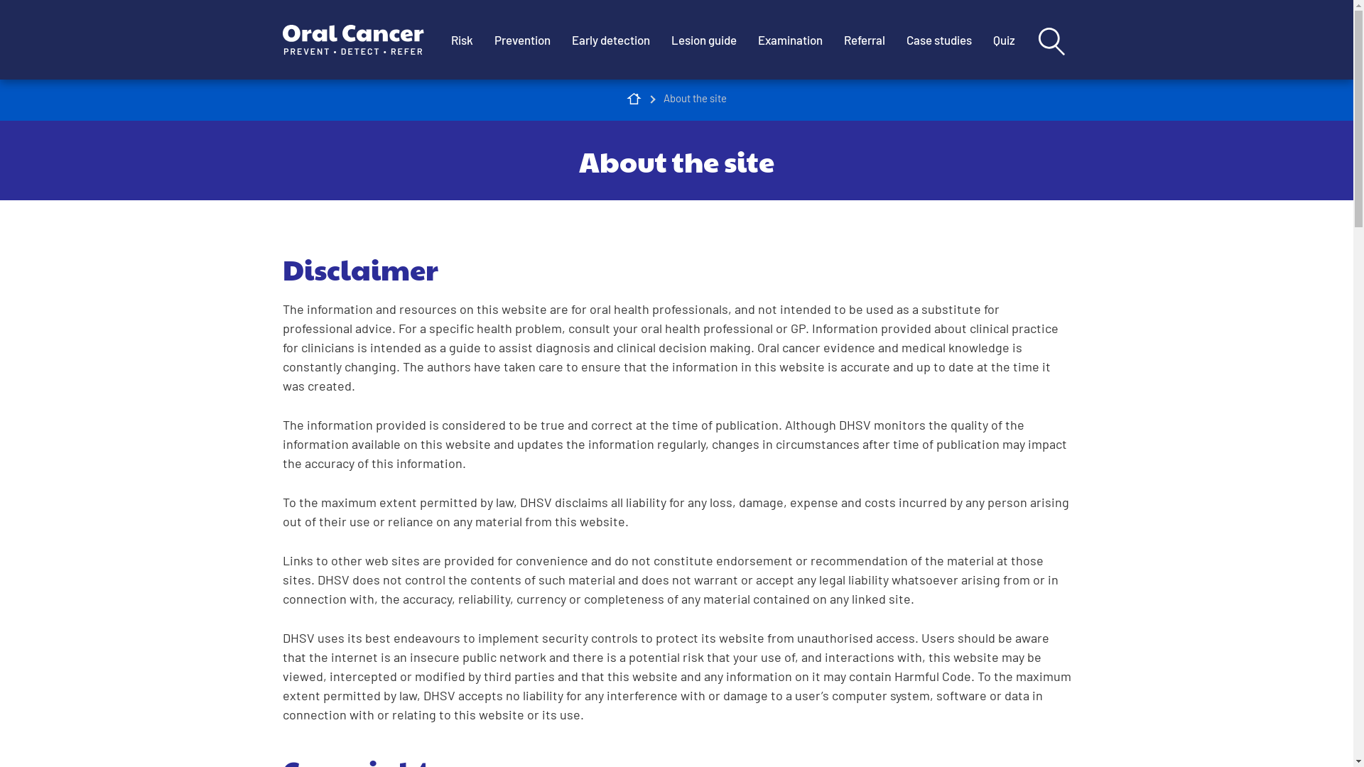 The height and width of the screenshot is (767, 1364). Describe the element at coordinates (938, 39) in the screenshot. I see `'Case studies'` at that location.